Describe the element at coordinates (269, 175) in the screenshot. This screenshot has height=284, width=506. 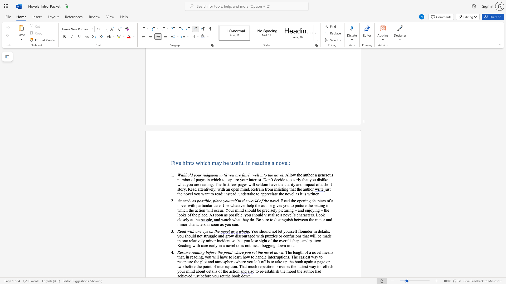
I see `the subset text "he nove" within the text "into the novel"` at that location.